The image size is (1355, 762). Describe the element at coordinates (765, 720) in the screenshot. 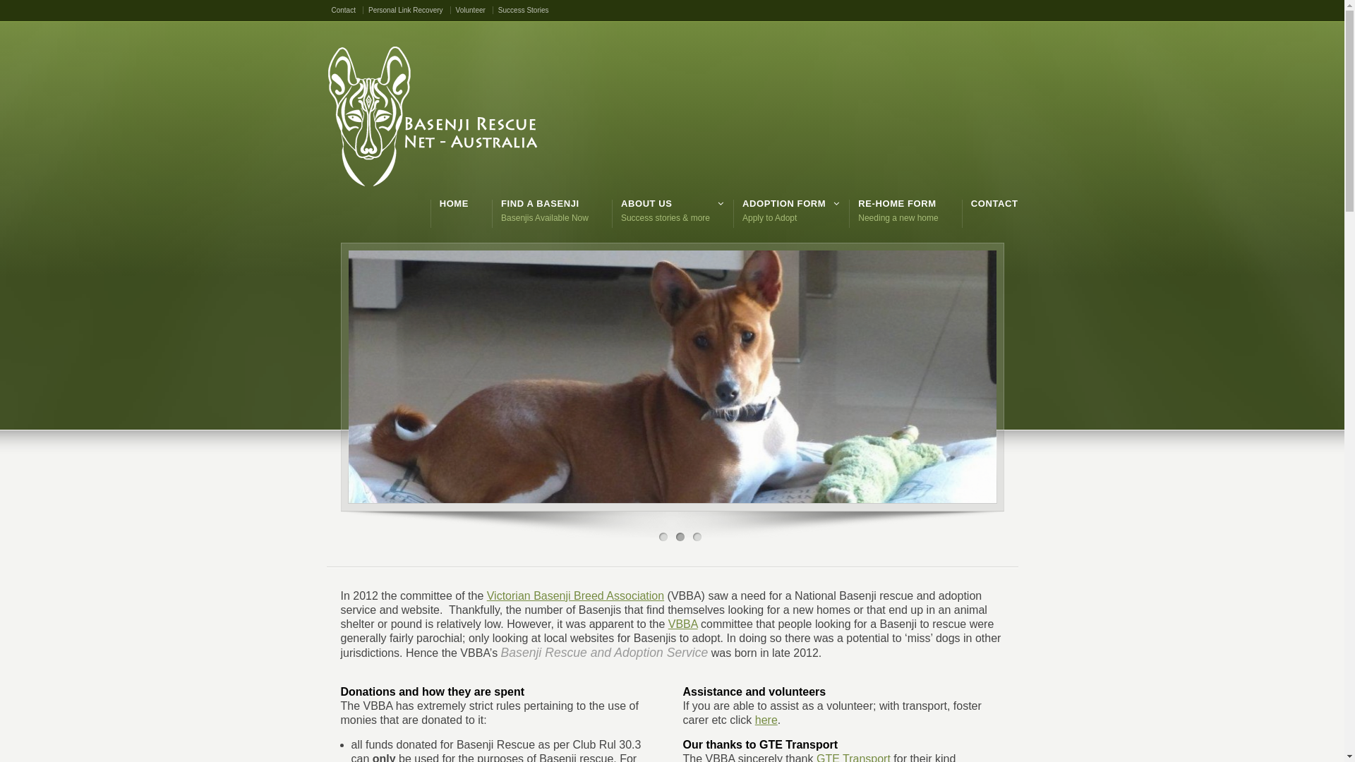

I see `'here'` at that location.